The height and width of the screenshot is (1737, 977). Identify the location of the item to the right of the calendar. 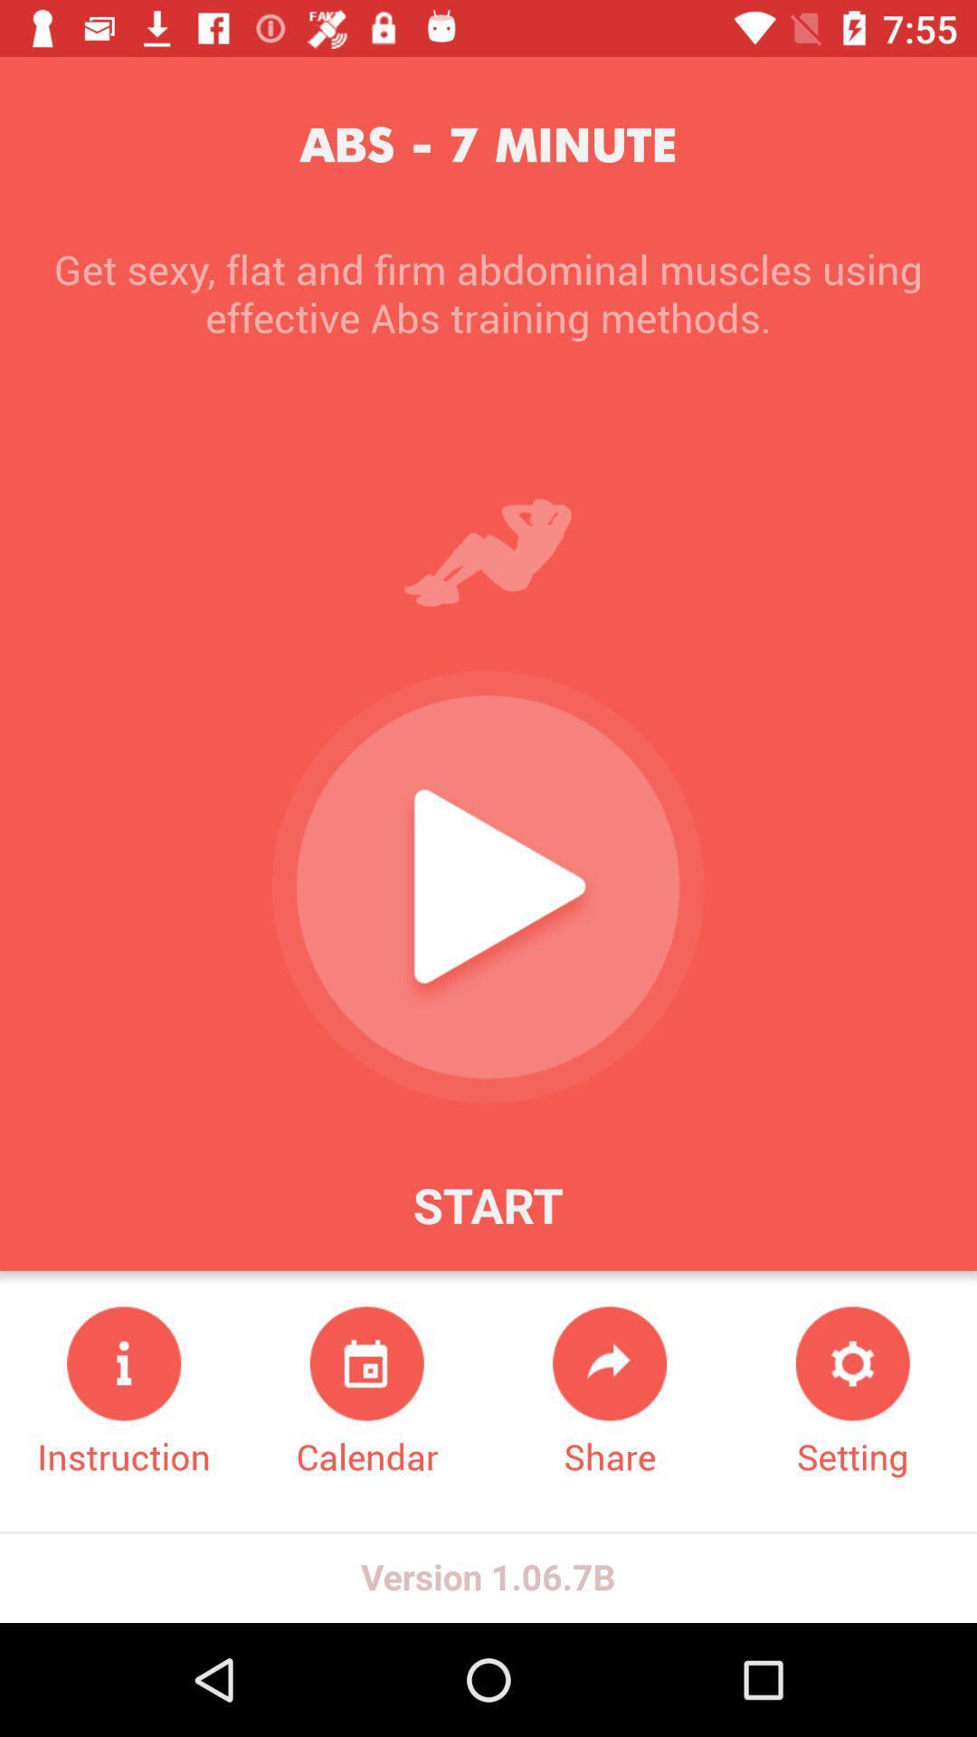
(610, 1392).